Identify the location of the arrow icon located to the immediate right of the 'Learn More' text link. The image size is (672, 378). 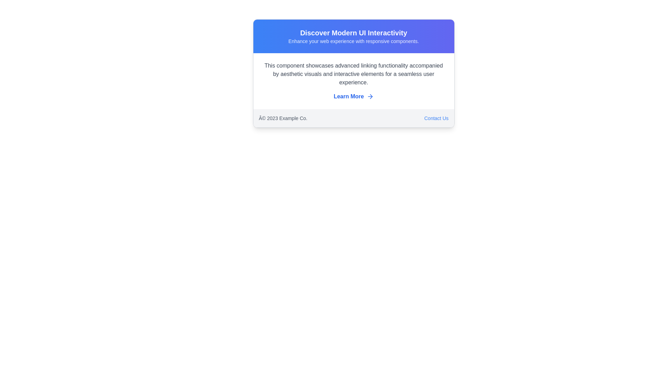
(370, 97).